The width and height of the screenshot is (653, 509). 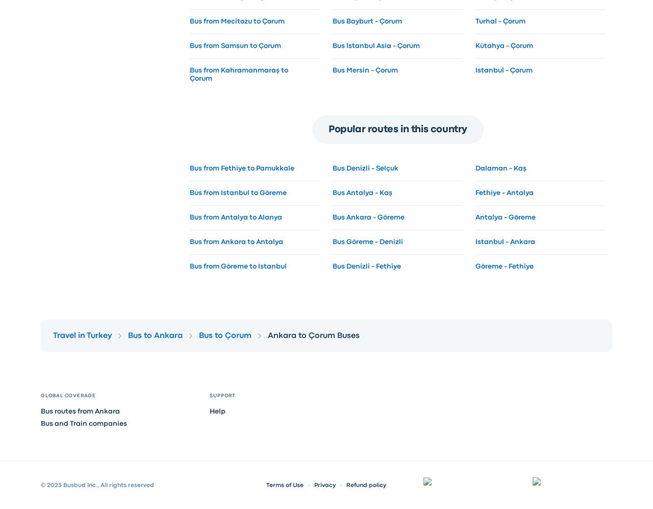 What do you see at coordinates (375, 45) in the screenshot?
I see `'Bus Istanbul Asia - Çorum'` at bounding box center [375, 45].